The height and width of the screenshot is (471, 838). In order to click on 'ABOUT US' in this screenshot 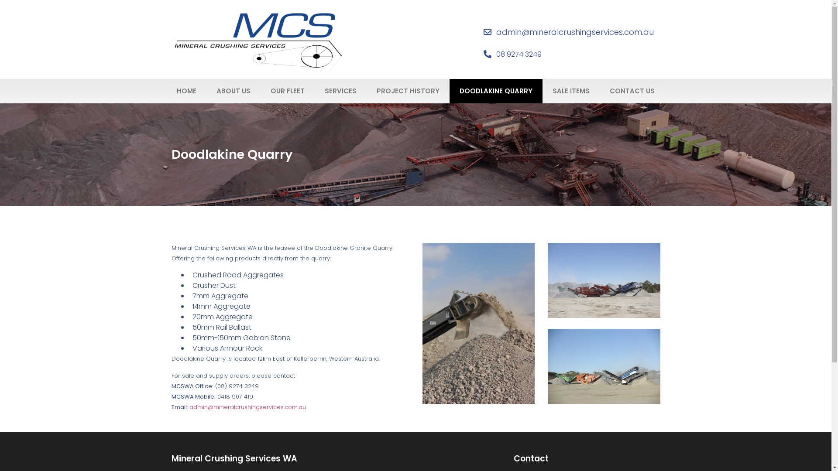, I will do `click(233, 91)`.